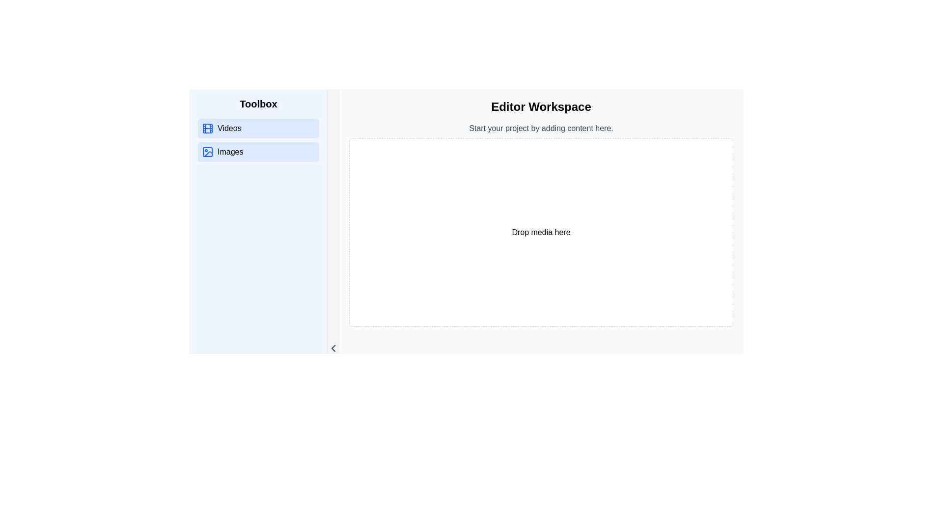 The image size is (943, 530). Describe the element at coordinates (229, 128) in the screenshot. I see `the text label that indicates the 'Videos' option, located to the right of the film icon in the Toolbox section` at that location.